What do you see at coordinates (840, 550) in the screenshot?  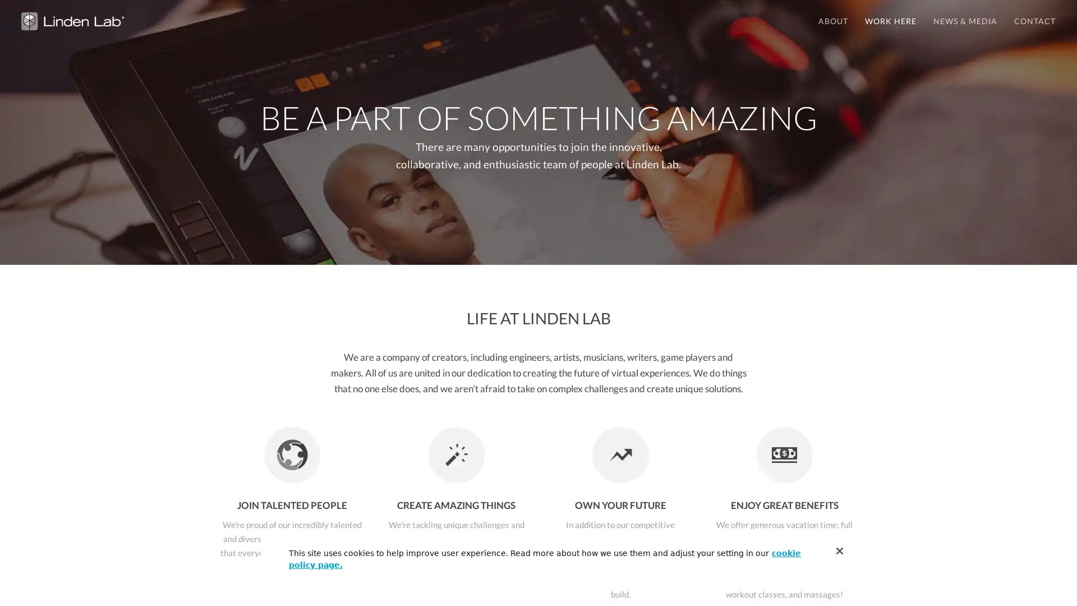 I see `Close` at bounding box center [840, 550].